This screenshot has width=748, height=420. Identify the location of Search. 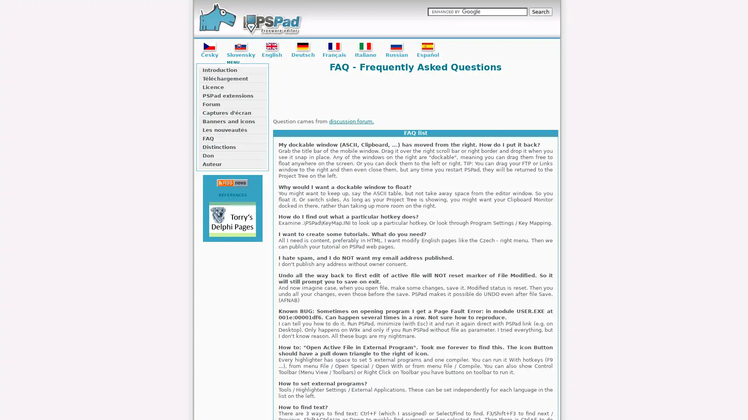
(540, 12).